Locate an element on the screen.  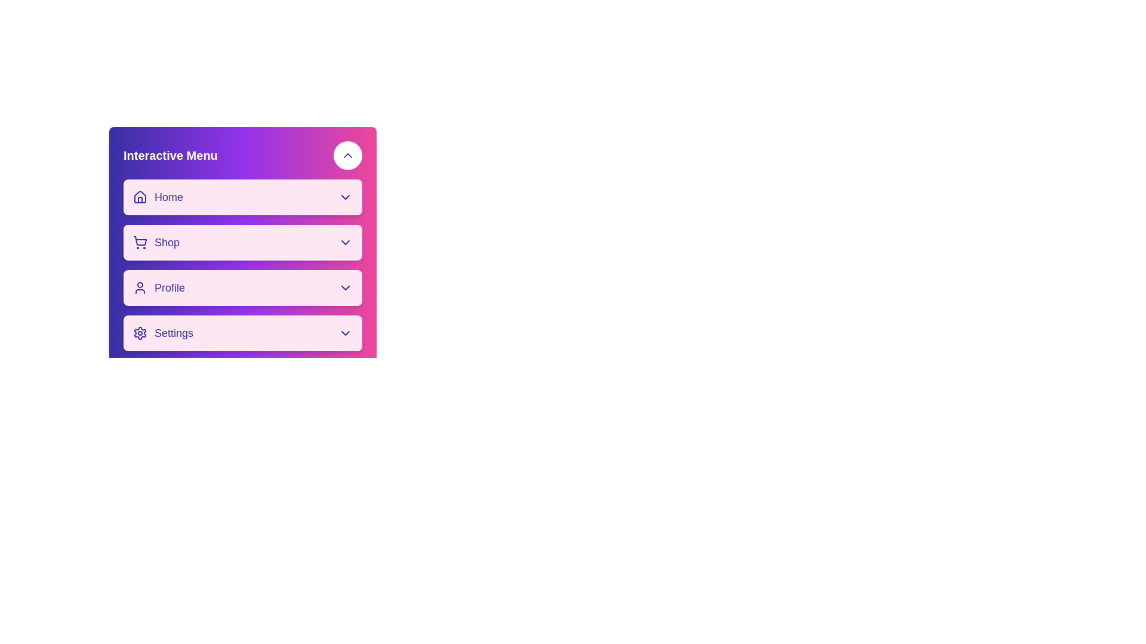
the 'Profile' text label within the third button of the 'Interactive Menu', which indicates navigation to the user's profile page is located at coordinates (169, 287).